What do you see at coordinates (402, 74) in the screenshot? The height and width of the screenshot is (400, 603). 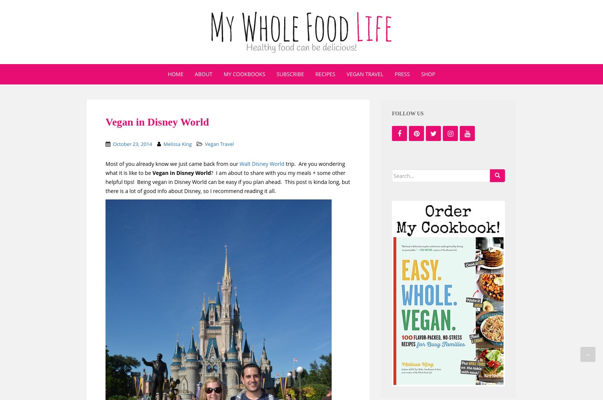 I see `'Press'` at bounding box center [402, 74].